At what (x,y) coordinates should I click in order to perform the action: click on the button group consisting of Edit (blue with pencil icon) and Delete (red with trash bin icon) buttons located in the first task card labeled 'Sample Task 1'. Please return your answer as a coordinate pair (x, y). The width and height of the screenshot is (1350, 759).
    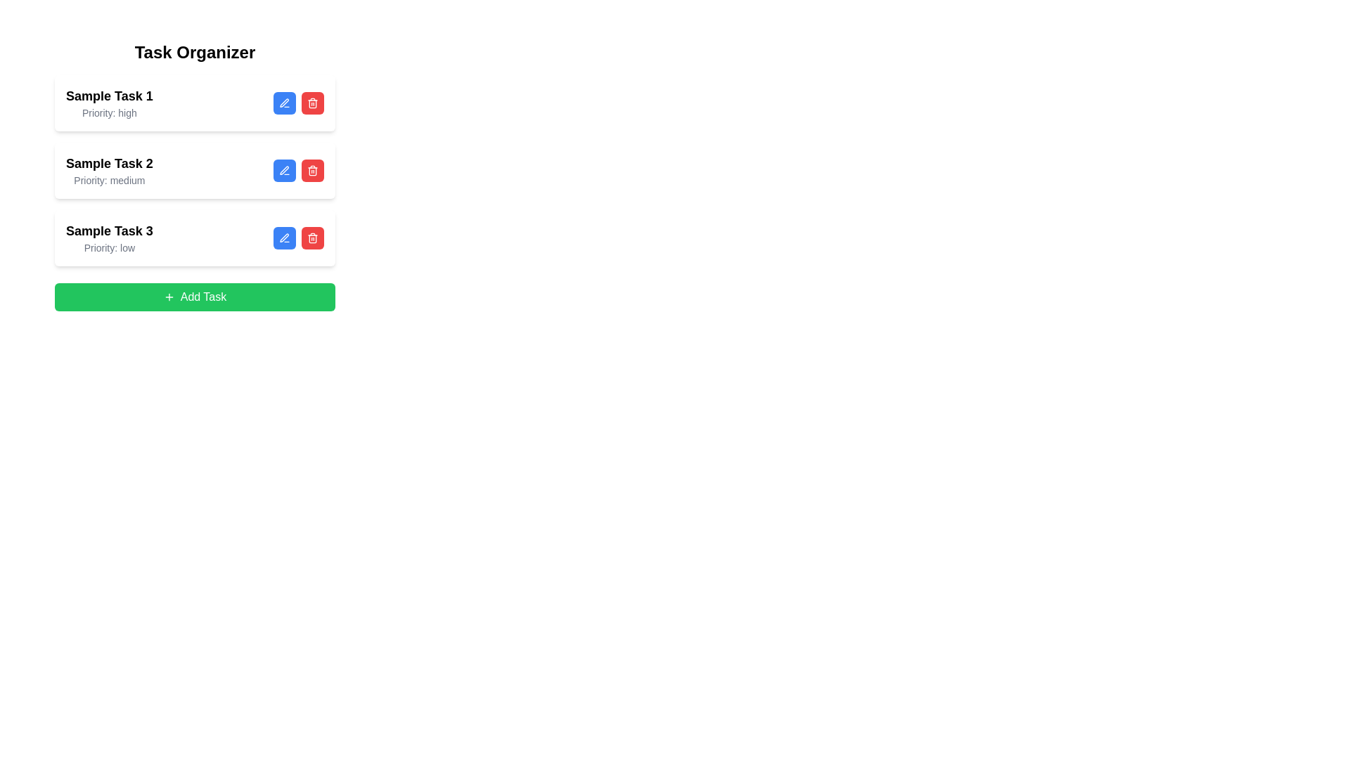
    Looking at the image, I should click on (298, 102).